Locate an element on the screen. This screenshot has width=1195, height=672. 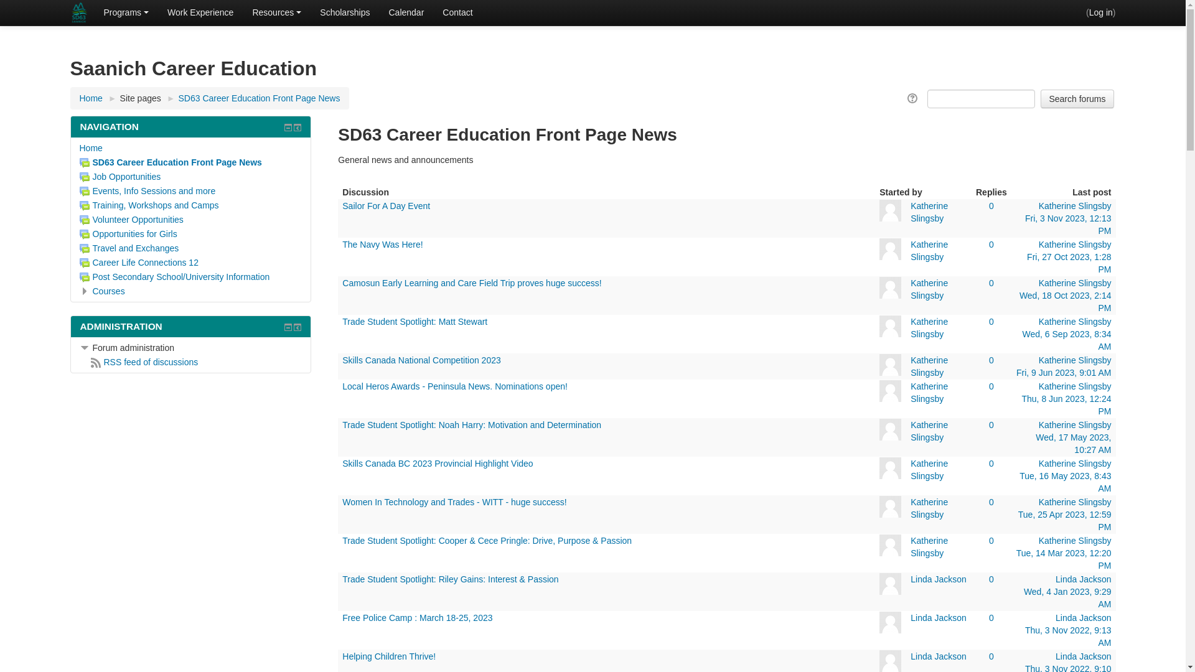
'Trade Student Spotlight: Riley Gains: Interest & Passion' is located at coordinates (449, 579).